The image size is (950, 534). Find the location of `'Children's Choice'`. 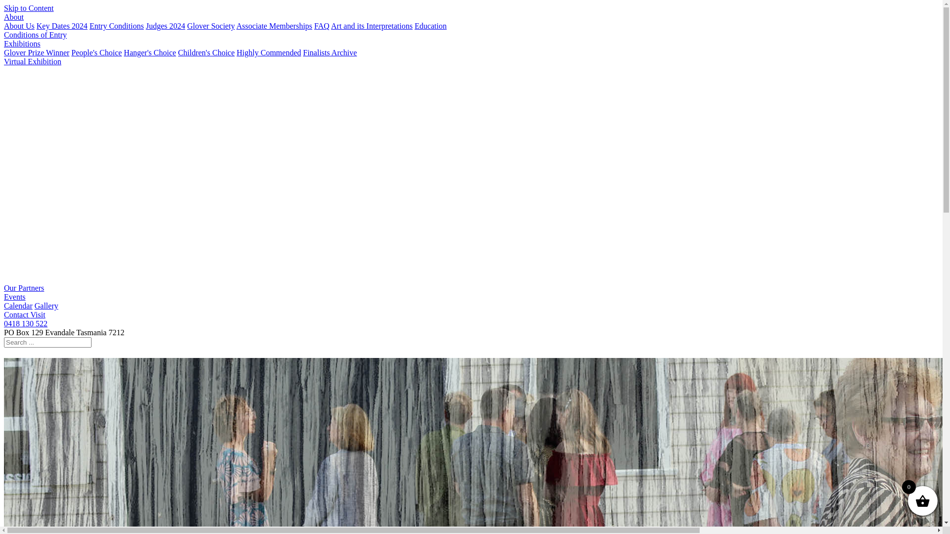

'Children's Choice' is located at coordinates (206, 52).